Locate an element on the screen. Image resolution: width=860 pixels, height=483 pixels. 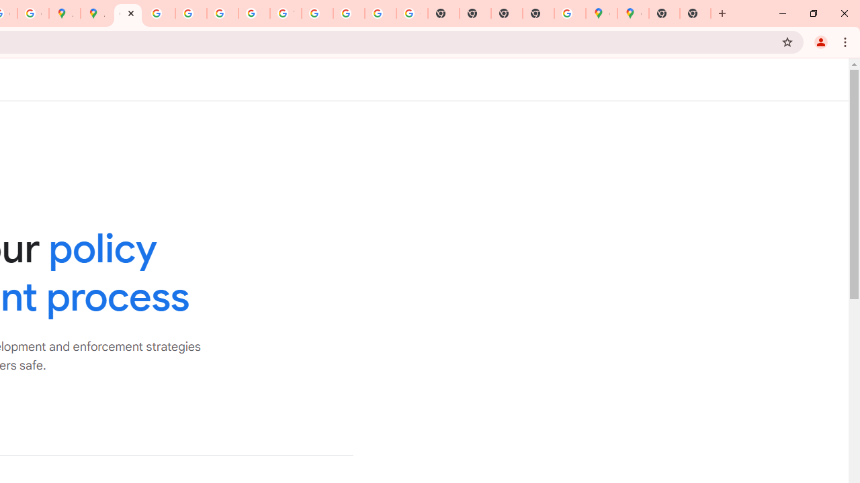
'Google Maps' is located at coordinates (601, 13).